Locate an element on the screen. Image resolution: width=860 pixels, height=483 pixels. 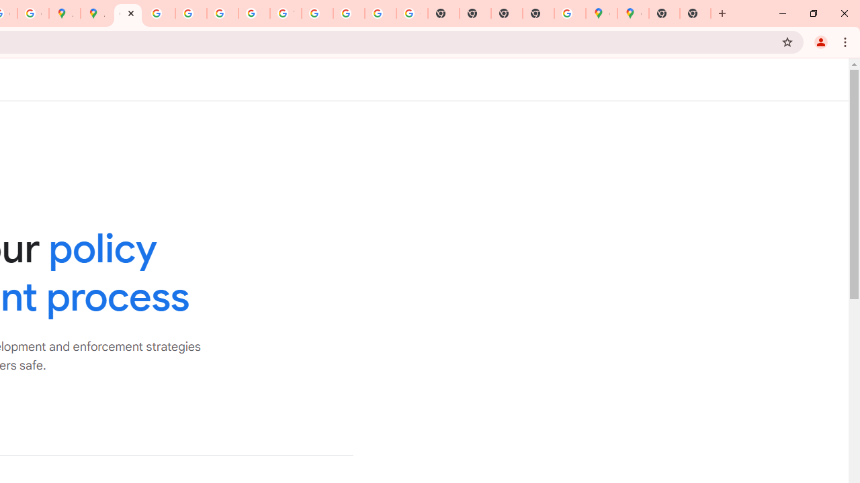
'Google Maps' is located at coordinates (601, 13).